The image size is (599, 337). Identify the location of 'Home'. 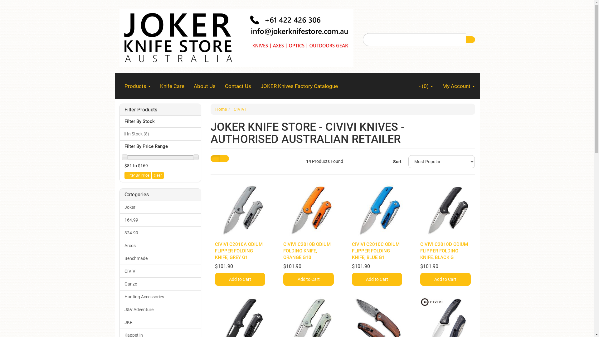
(221, 109).